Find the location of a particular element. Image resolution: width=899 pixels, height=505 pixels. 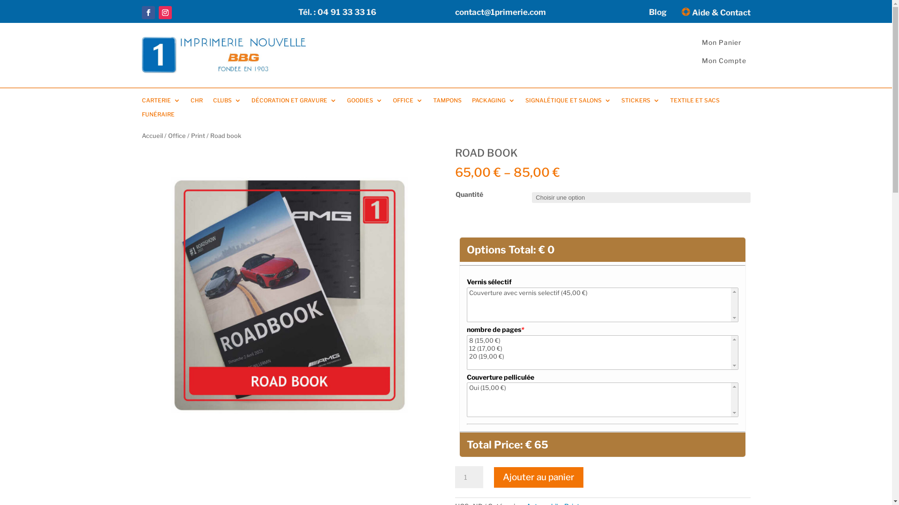

'Office' is located at coordinates (168, 136).